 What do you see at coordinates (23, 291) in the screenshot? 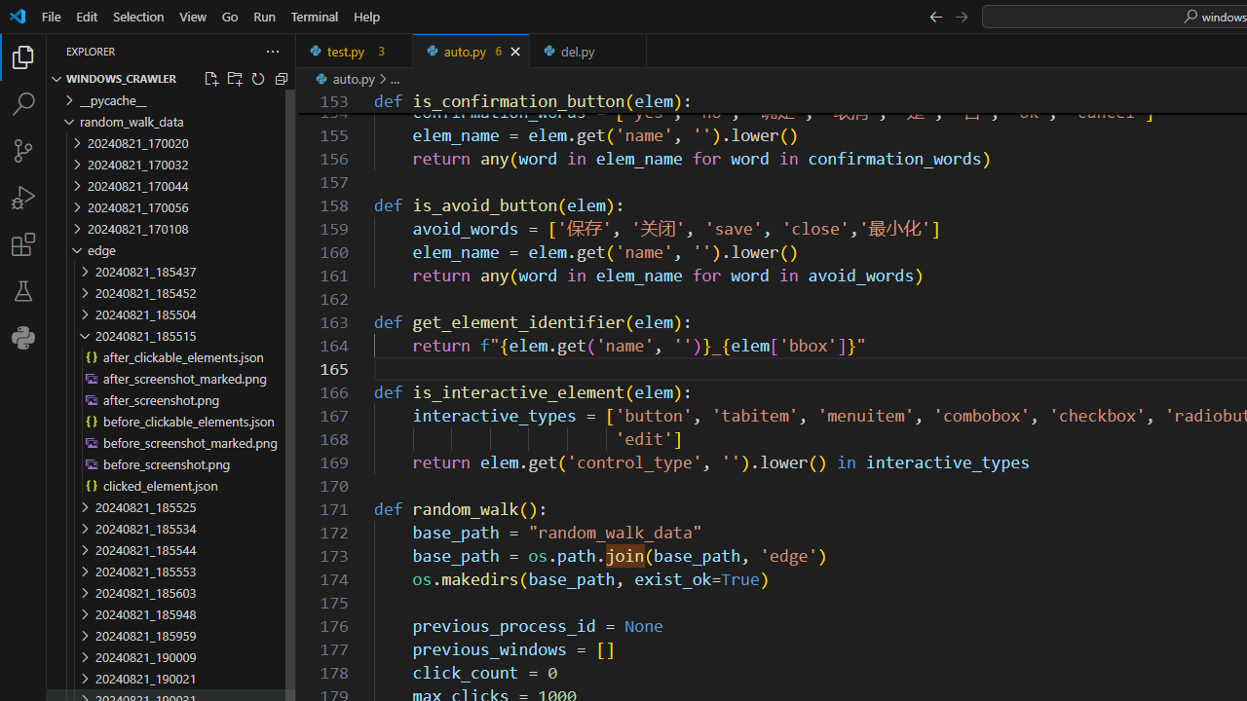
I see `'Testing'` at bounding box center [23, 291].